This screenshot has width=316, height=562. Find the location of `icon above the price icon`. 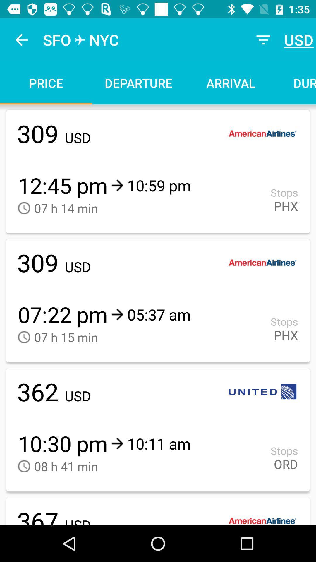

icon above the price icon is located at coordinates (21, 40).